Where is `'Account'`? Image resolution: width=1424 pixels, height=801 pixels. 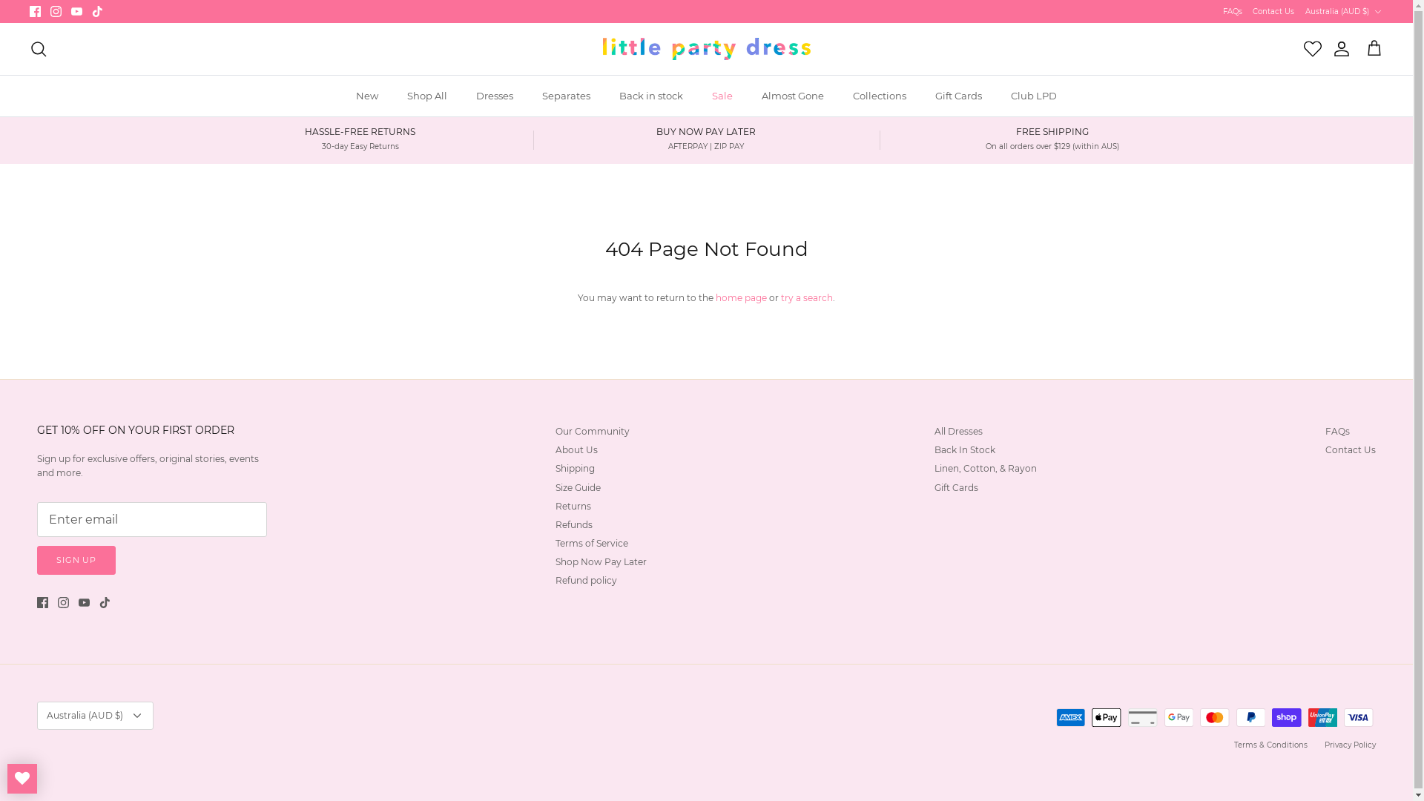
'Account' is located at coordinates (1338, 47).